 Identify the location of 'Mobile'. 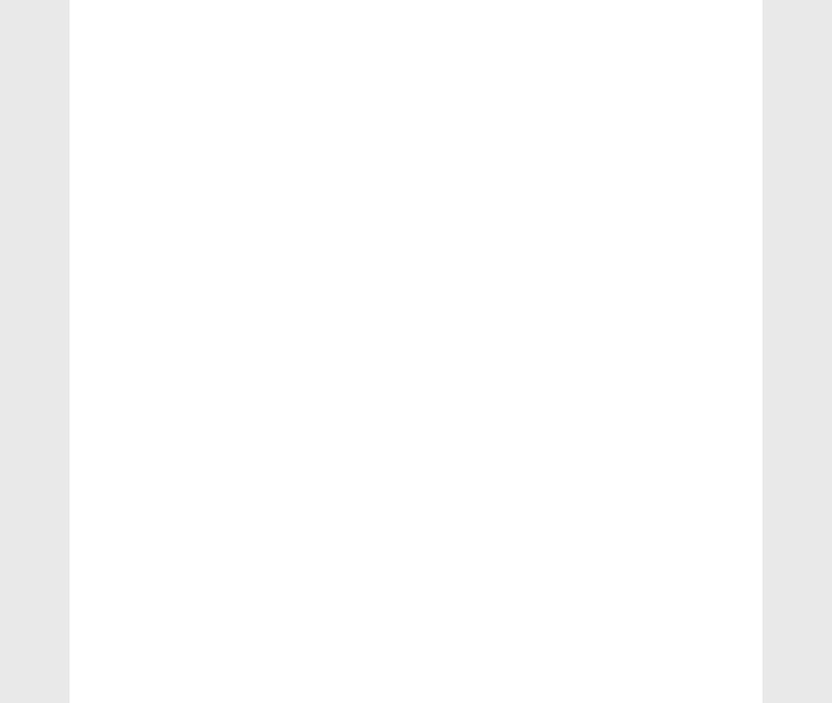
(110, 607).